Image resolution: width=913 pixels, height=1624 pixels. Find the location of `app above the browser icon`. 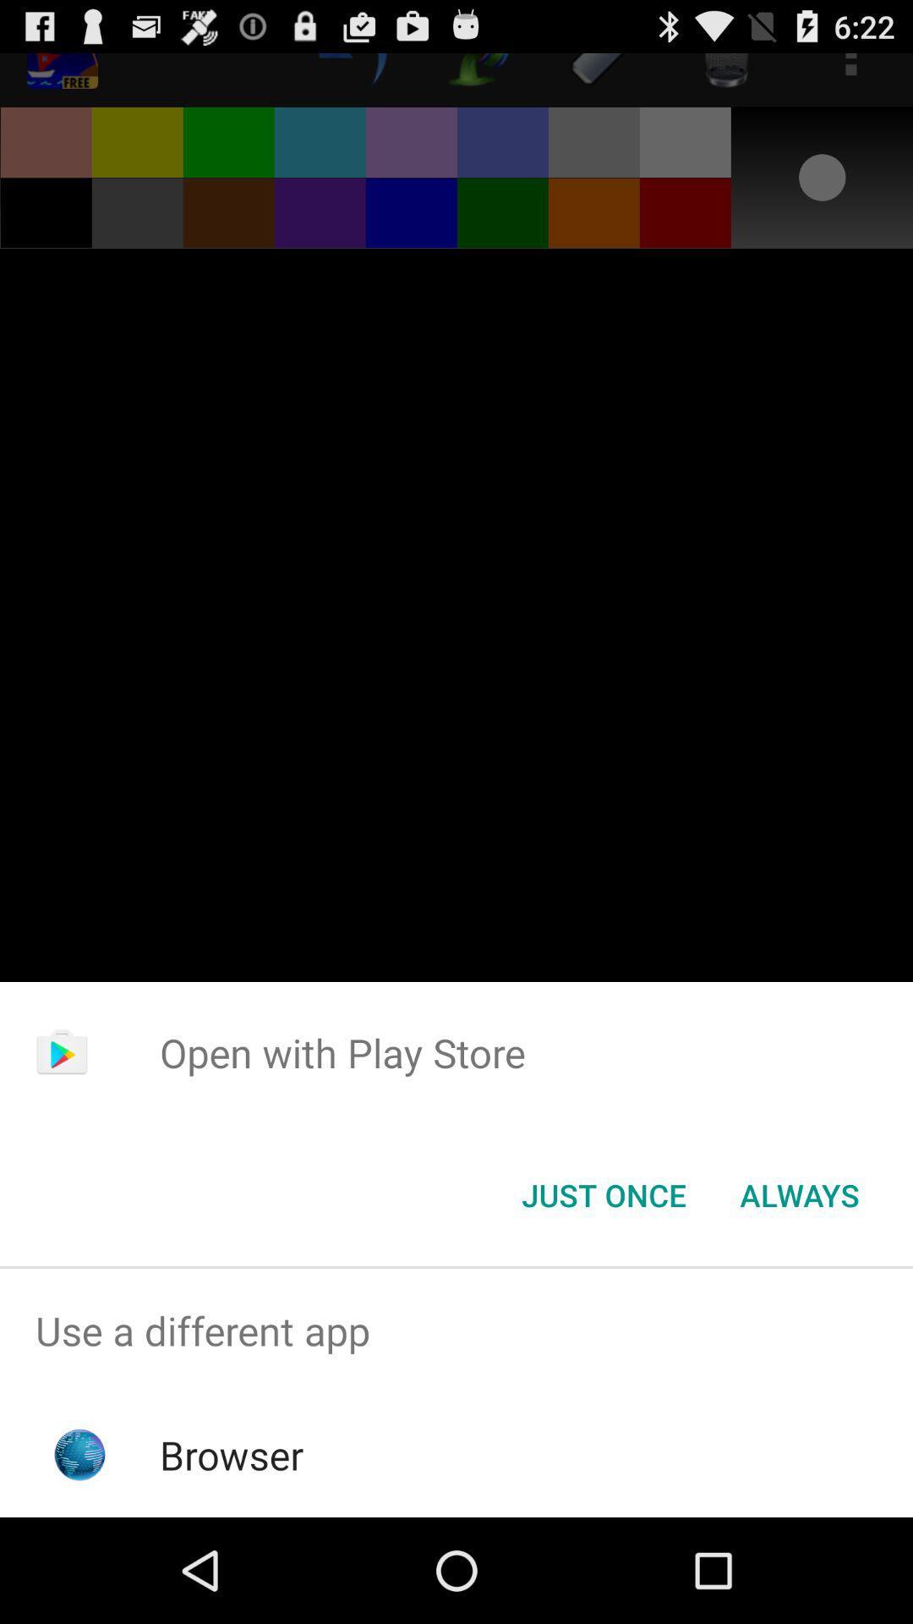

app above the browser icon is located at coordinates (456, 1330).